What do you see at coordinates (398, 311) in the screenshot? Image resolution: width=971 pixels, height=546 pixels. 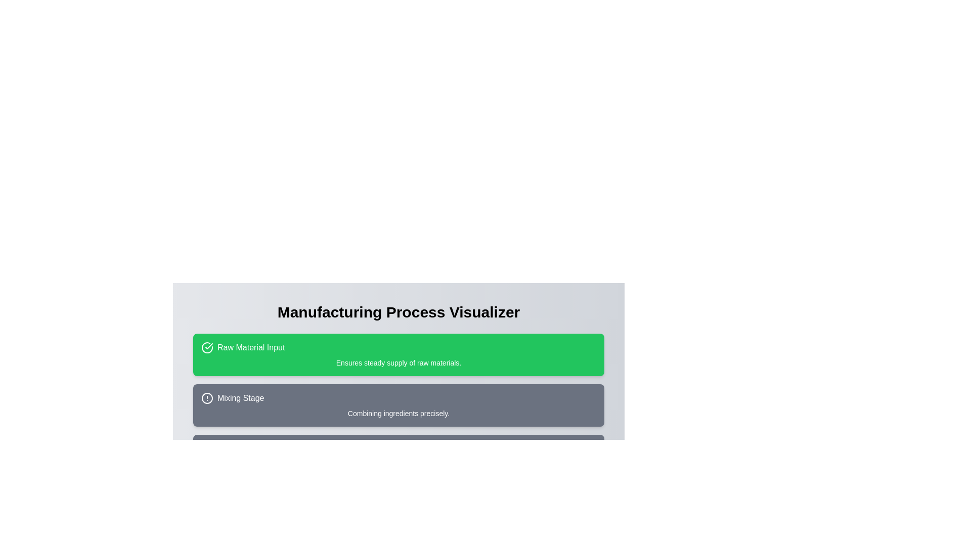 I see `header text element styled as 'Manufacturing Process Visualizer', which is prominently displayed at the top of the content area` at bounding box center [398, 311].